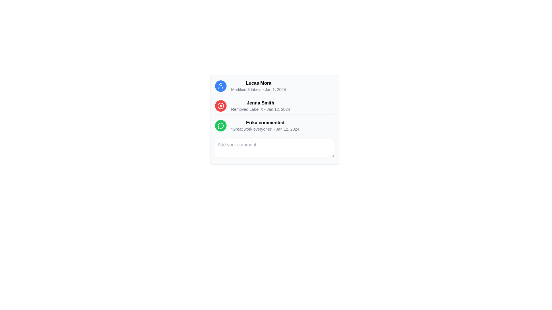 The height and width of the screenshot is (310, 552). I want to click on the activity update text block that logs the action taken by 'Jenna Smith' regarding the removal of 'Label X', so click(260, 106).